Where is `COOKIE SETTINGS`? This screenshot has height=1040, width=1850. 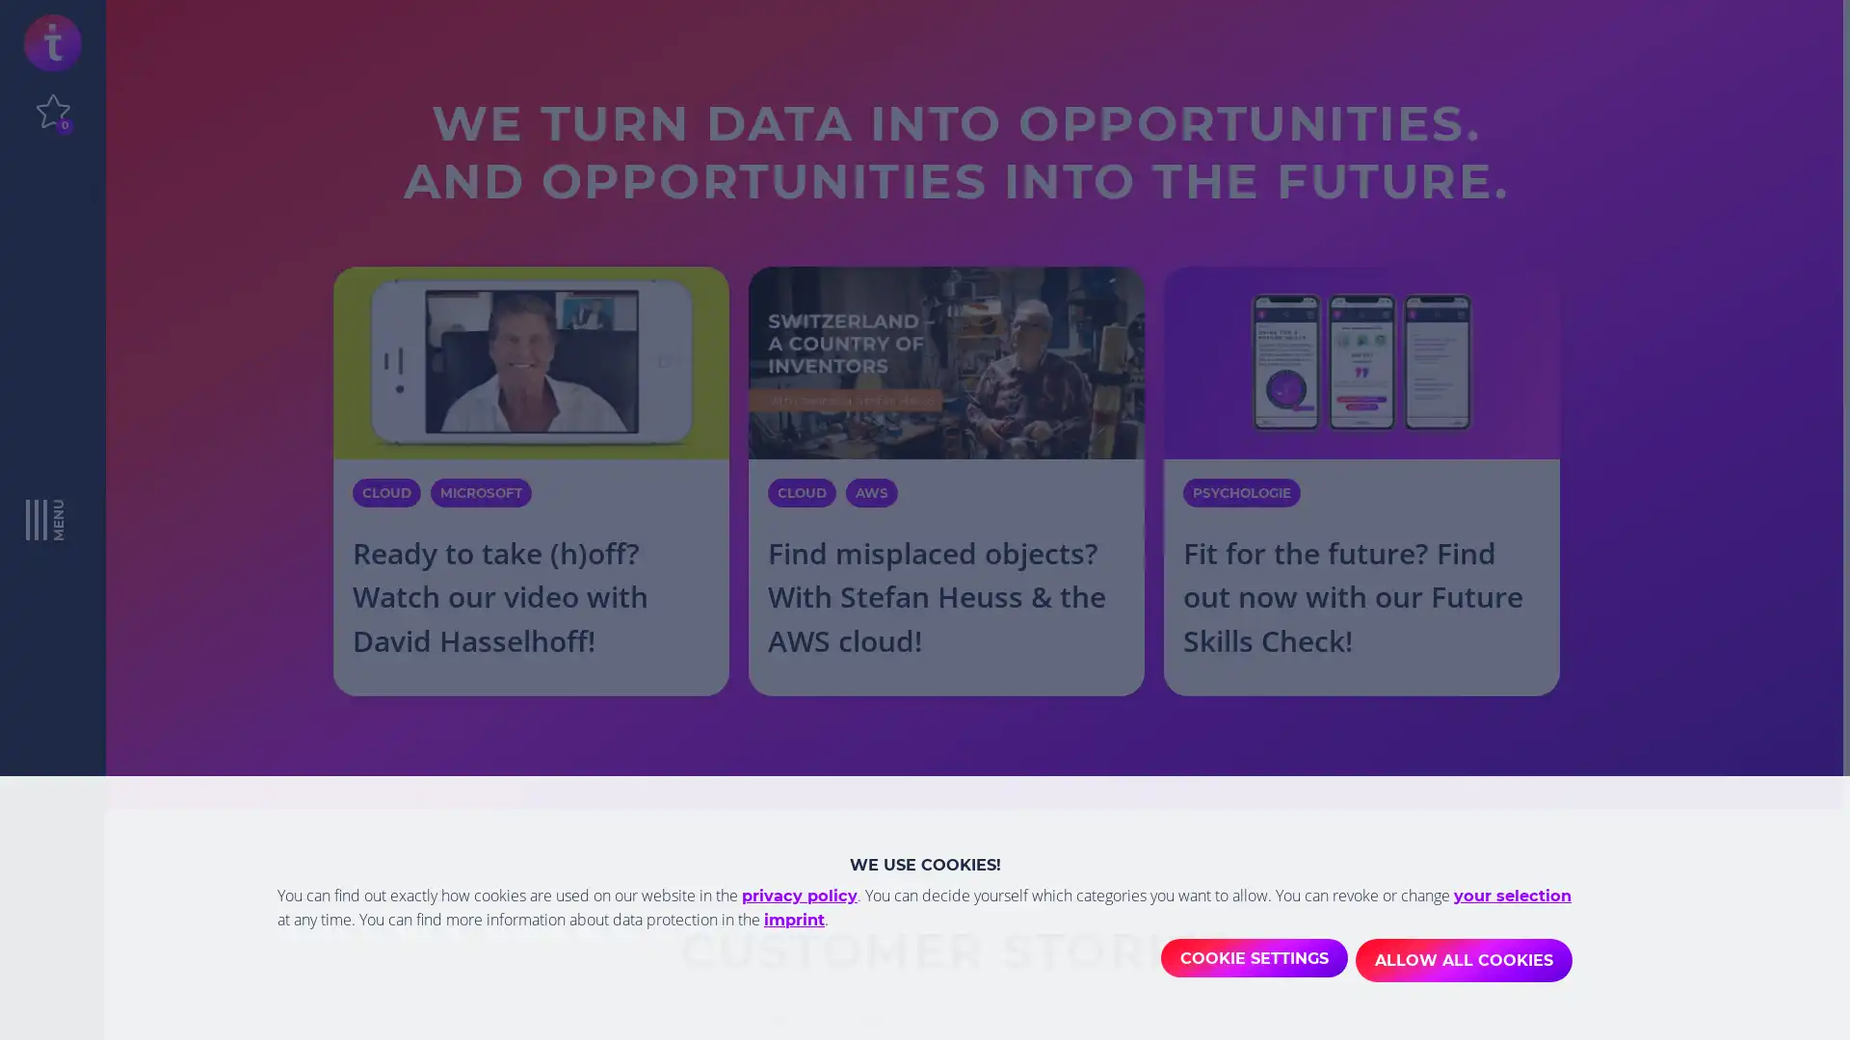
COOKIE SETTINGS is located at coordinates (1248, 962).